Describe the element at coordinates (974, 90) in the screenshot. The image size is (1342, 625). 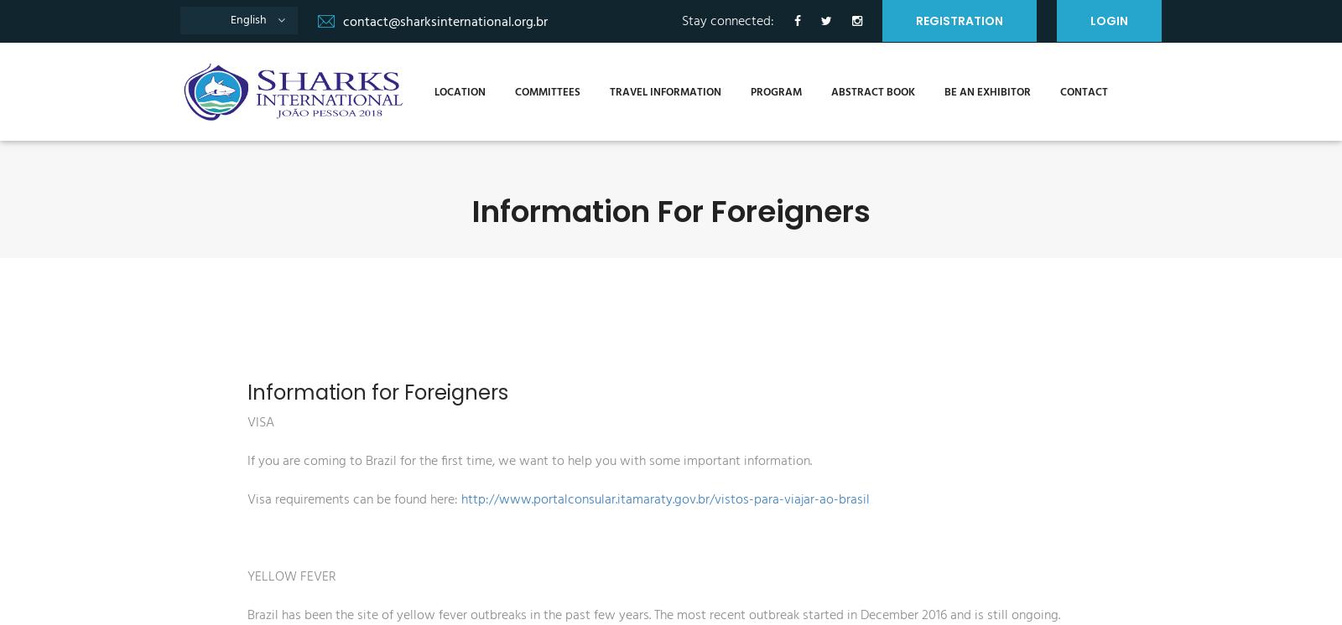
I see `'Be an Exhibitor'` at that location.